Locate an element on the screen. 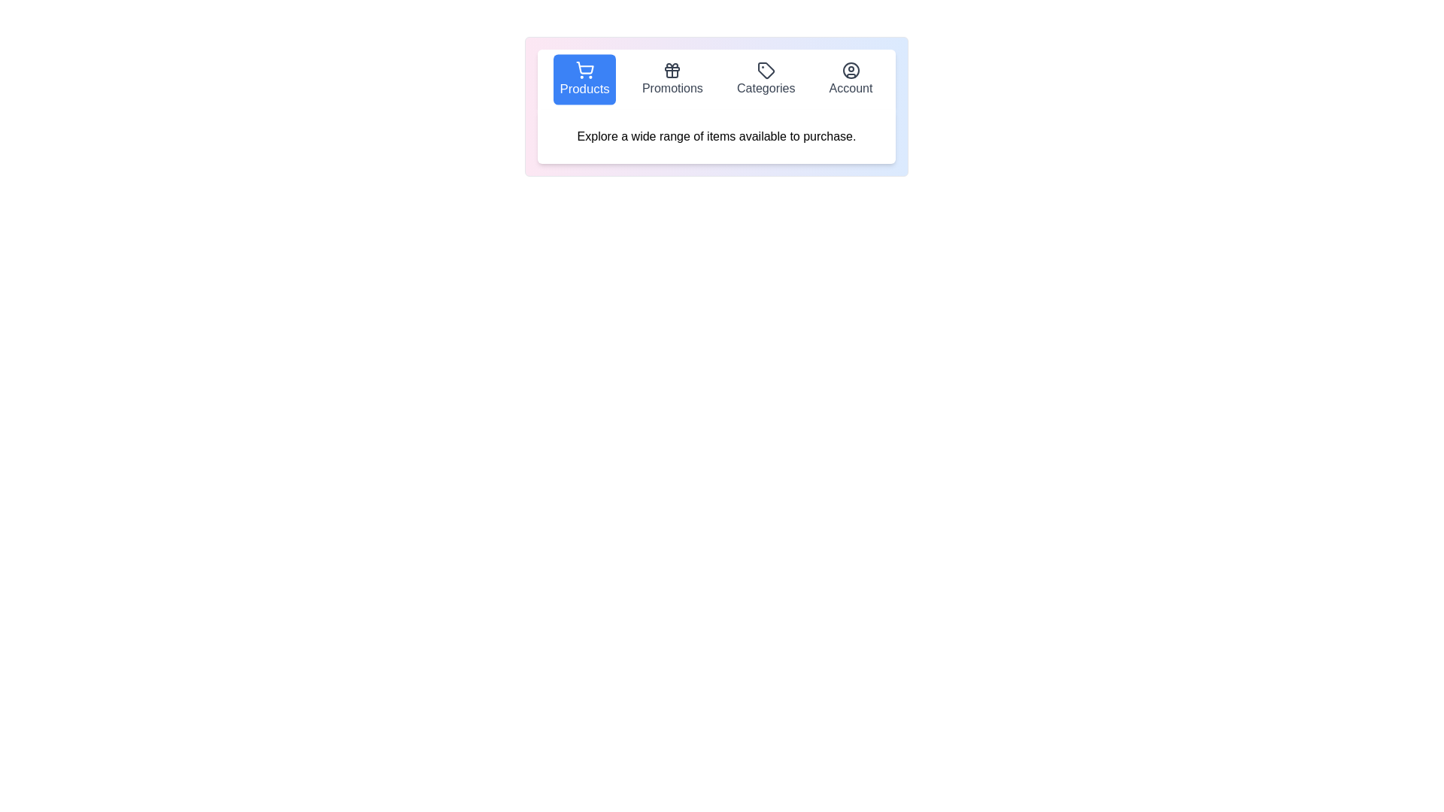 The width and height of the screenshot is (1444, 812). the Products tab to observe its visual feedback is located at coordinates (584, 79).